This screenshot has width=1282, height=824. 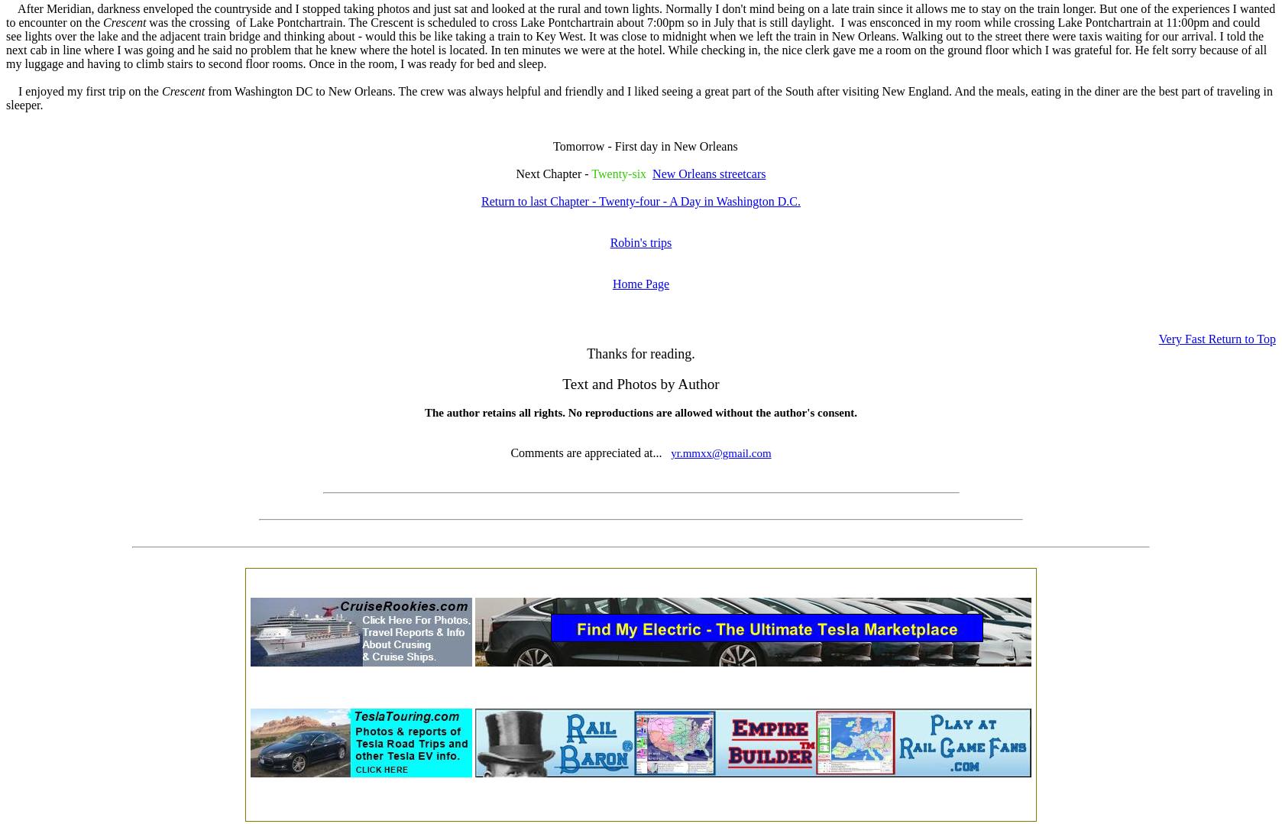 I want to click on 'Next Chapter -', so click(x=552, y=174).